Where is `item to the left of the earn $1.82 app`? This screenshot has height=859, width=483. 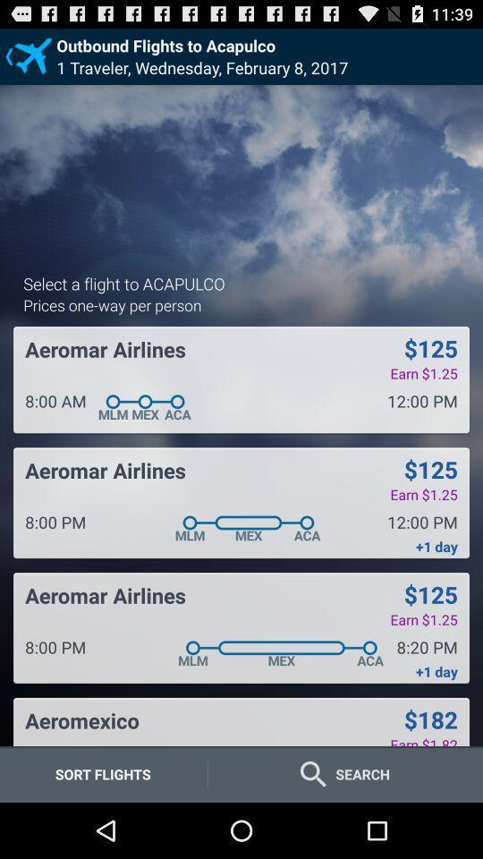
item to the left of the earn $1.82 app is located at coordinates (81, 720).